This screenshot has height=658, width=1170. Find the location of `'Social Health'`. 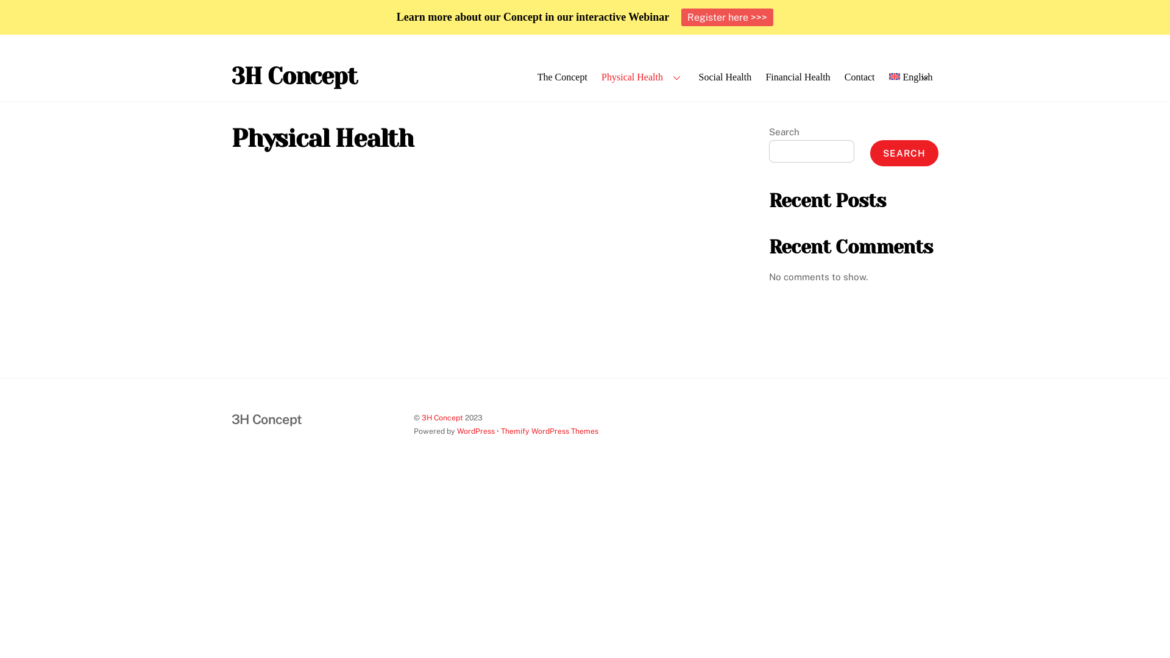

'Social Health' is located at coordinates (693, 77).